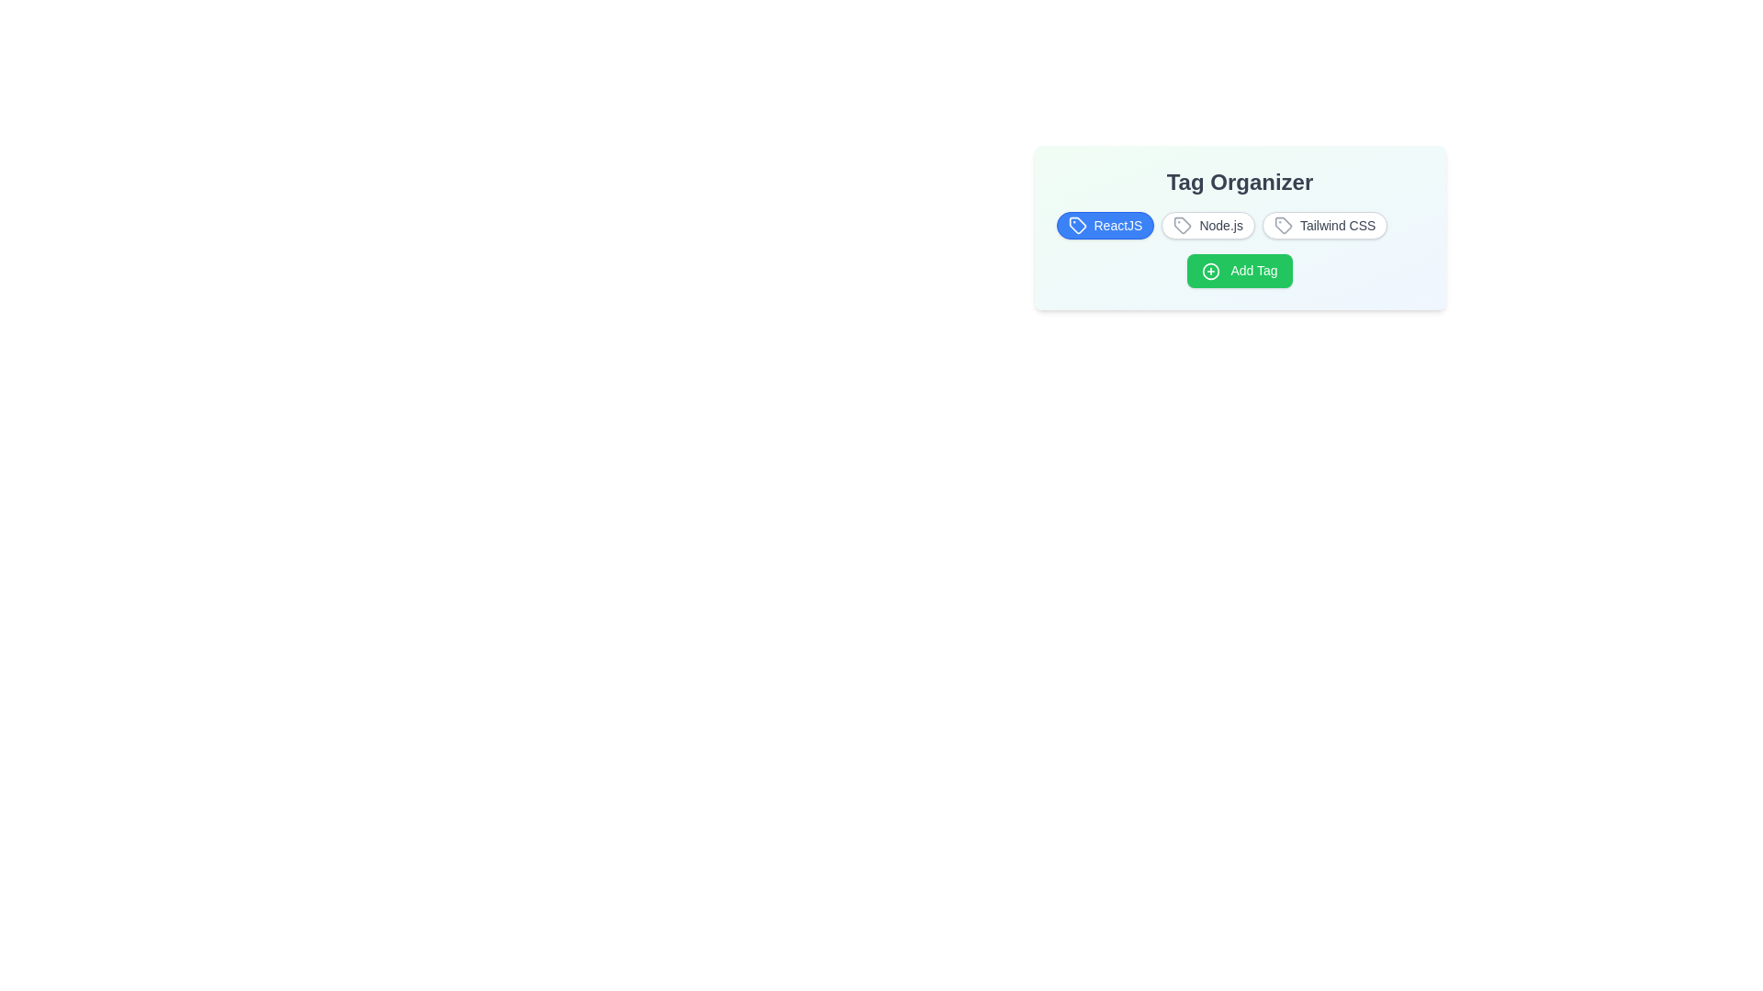  Describe the element at coordinates (1208, 225) in the screenshot. I see `the tag Node.js` at that location.